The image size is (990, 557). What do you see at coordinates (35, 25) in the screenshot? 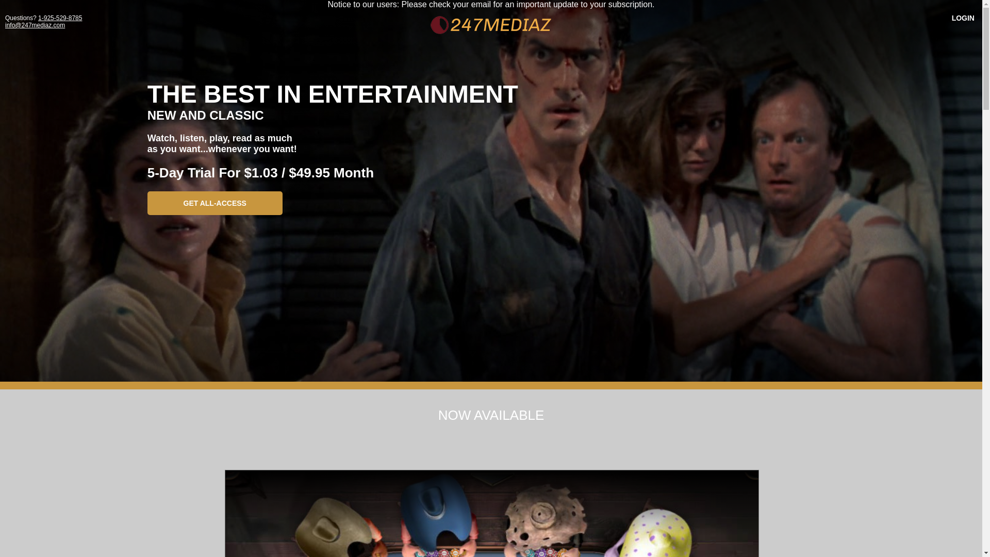
I see `'info@247mediaz.com'` at bounding box center [35, 25].